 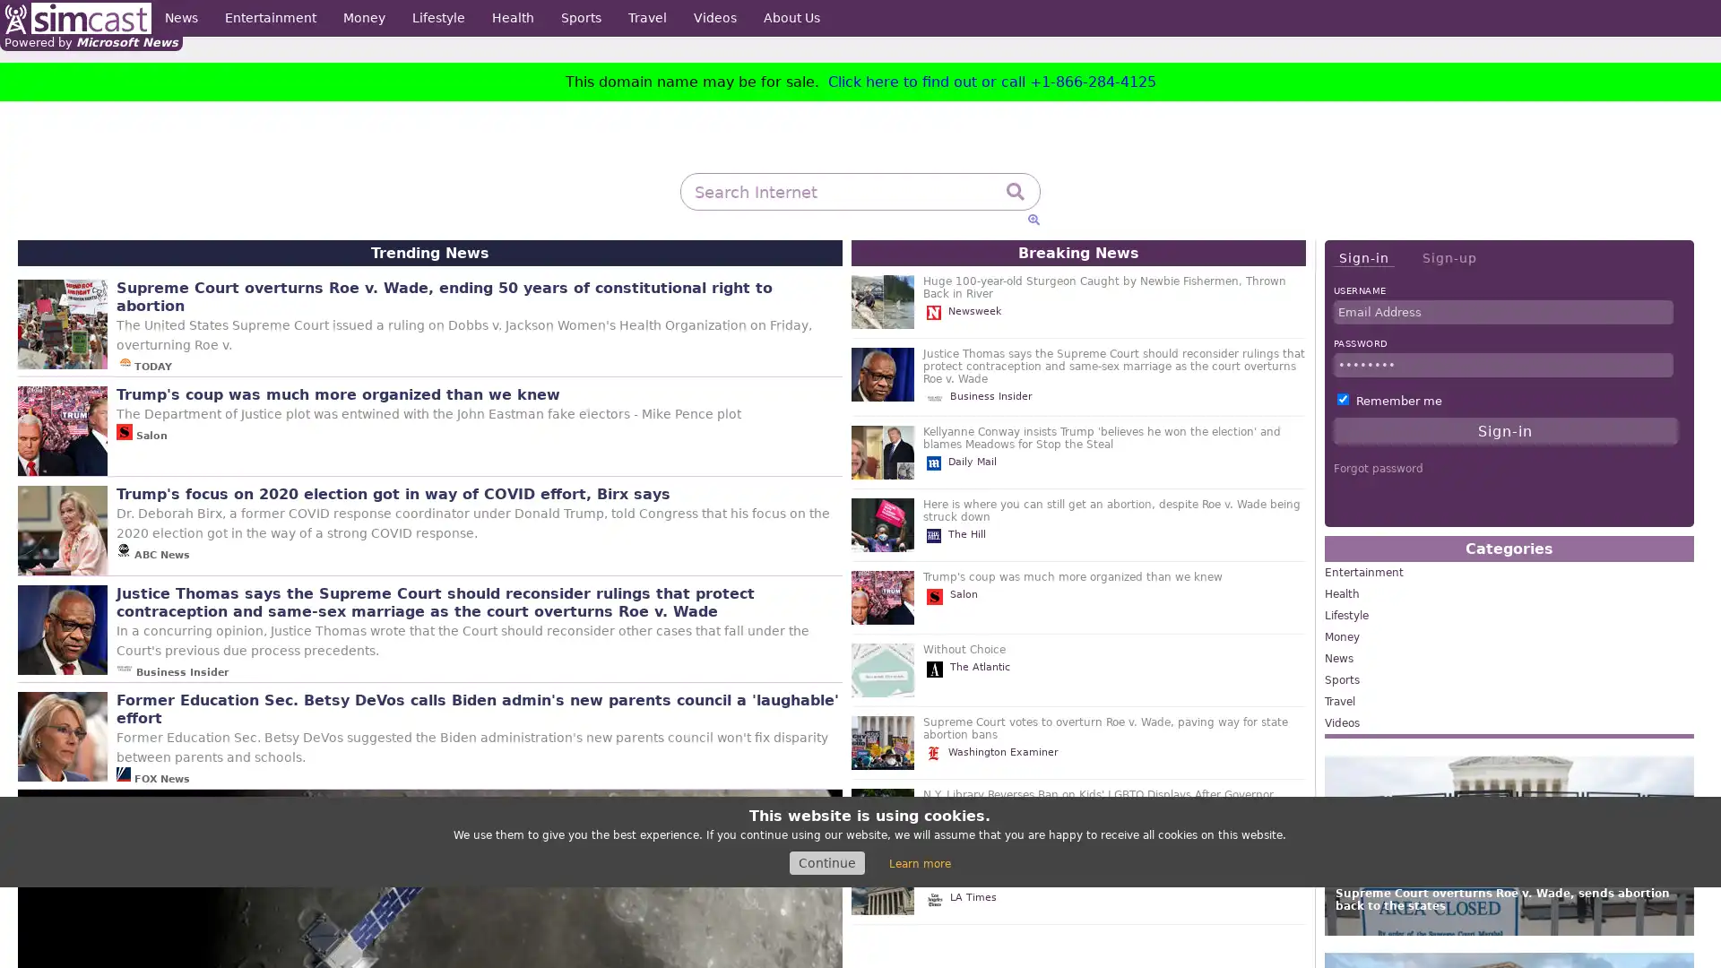 I want to click on Sign-up, so click(x=1449, y=258).